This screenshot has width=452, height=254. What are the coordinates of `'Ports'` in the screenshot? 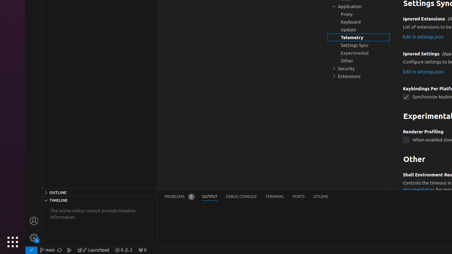 It's located at (298, 196).